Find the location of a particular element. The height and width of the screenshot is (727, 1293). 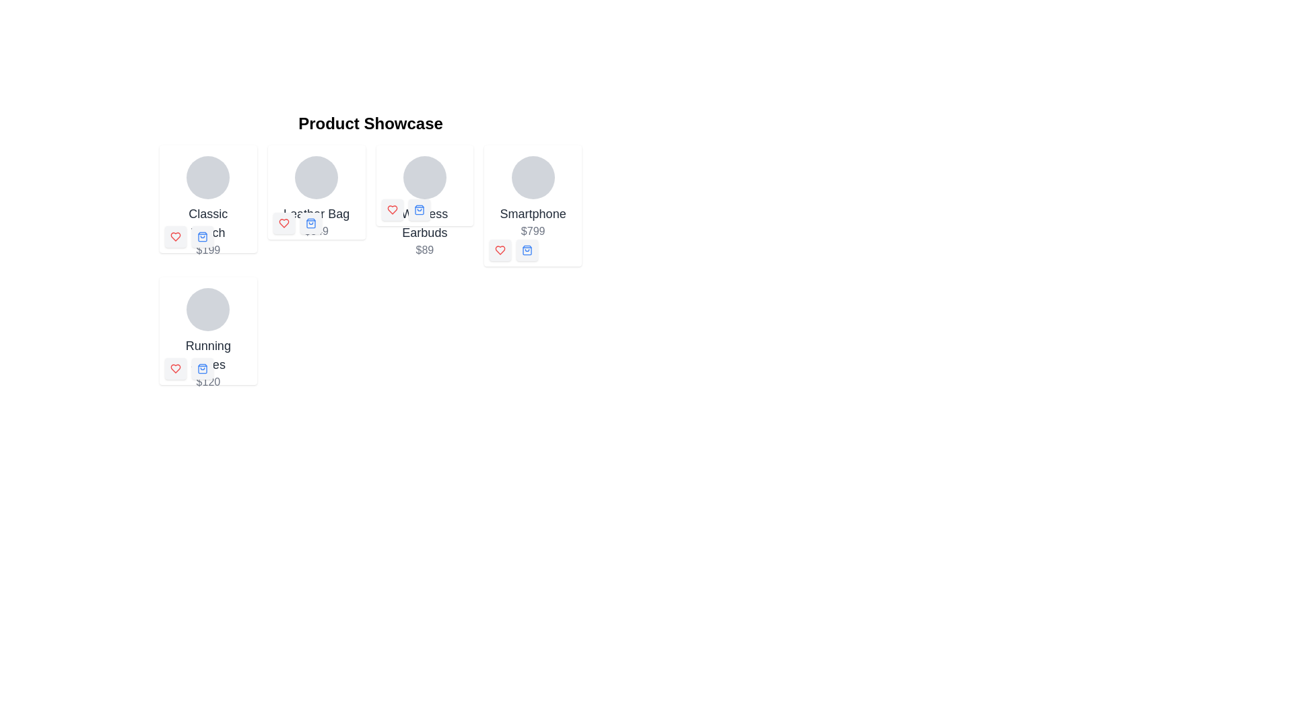

the shopping bag button at the bottom of the 'Running Shoes' product card is located at coordinates (207, 331).